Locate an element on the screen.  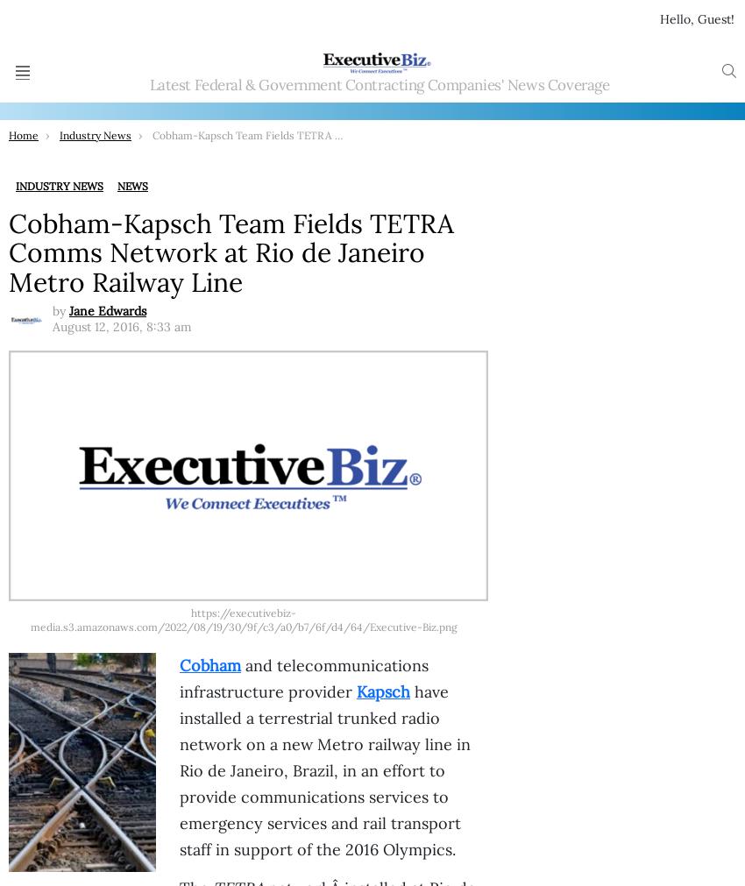
'SAP NS2 Develops Machine Learning Tool for Counterterrorism Missions; Mark Testoni Comments' is located at coordinates (372, 114).